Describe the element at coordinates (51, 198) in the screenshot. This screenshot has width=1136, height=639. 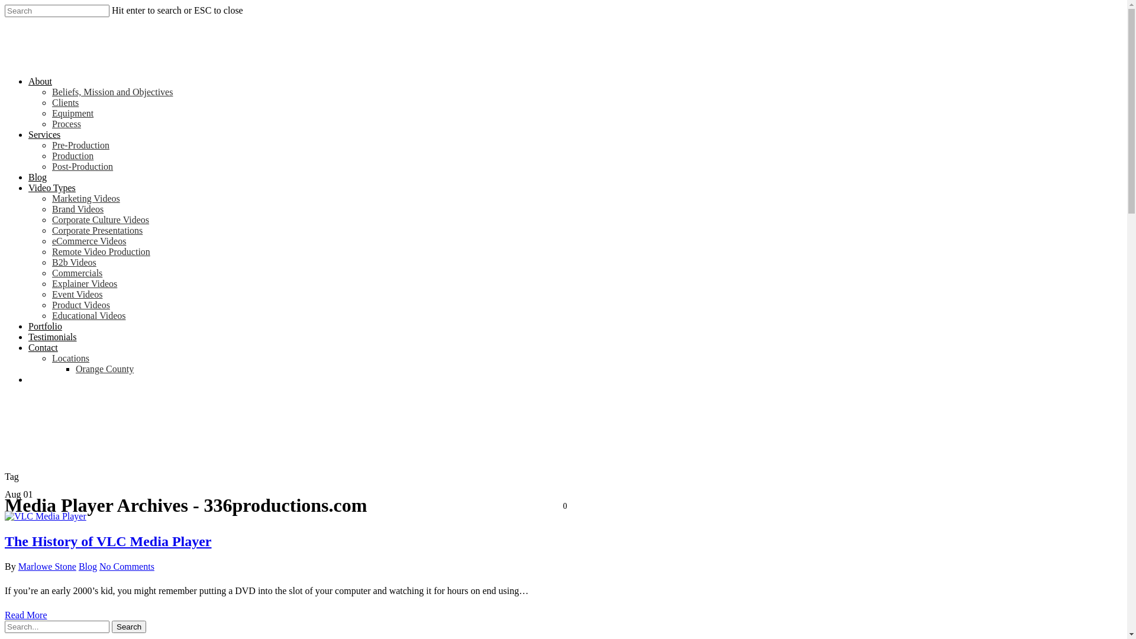
I see `'Marketing Videos'` at that location.